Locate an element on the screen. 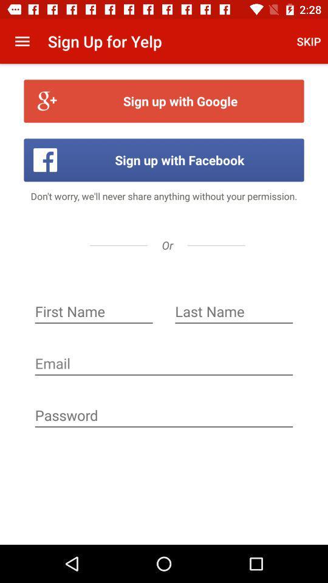 The image size is (328, 583). icon above sign up with icon is located at coordinates (309, 41).